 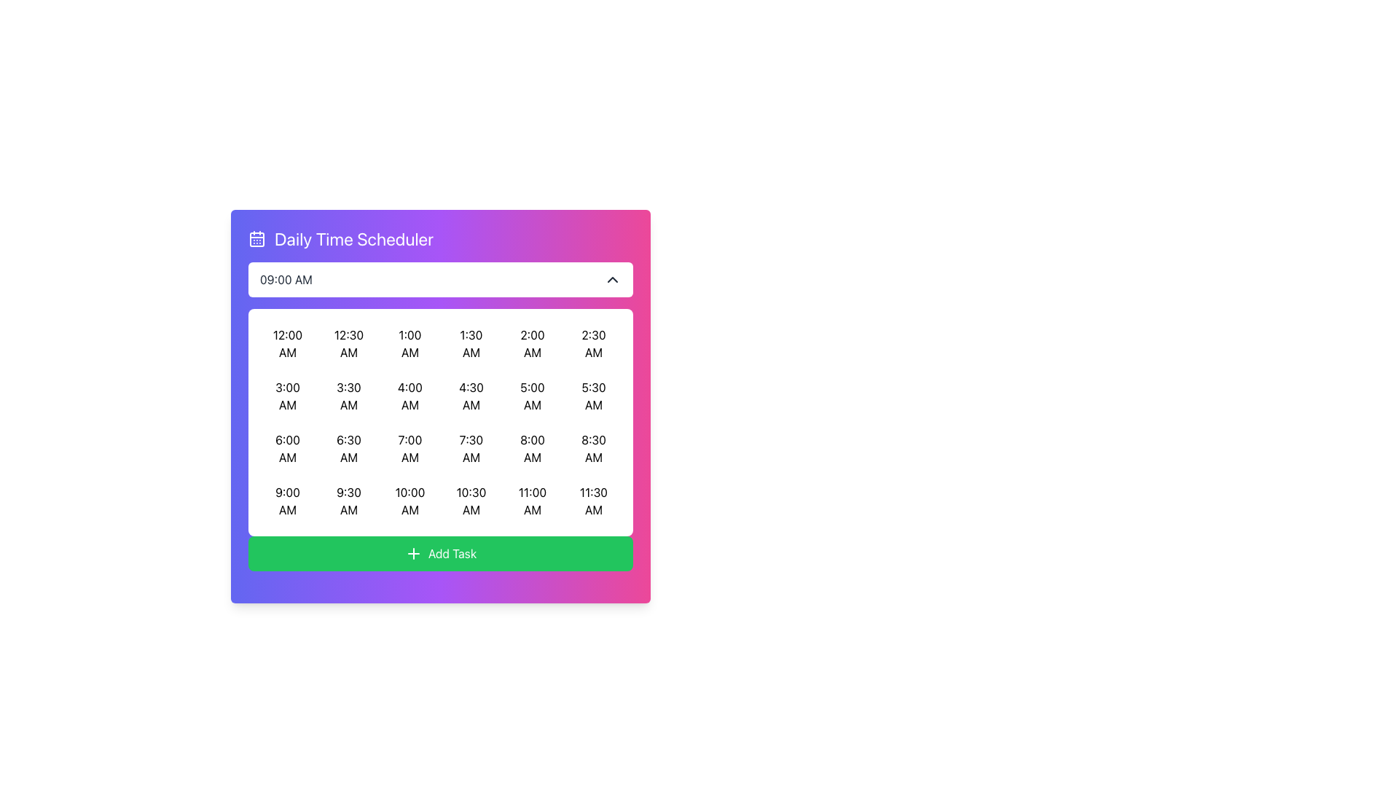 I want to click on the time indicator button displaying '10:00 AM', so click(x=409, y=500).